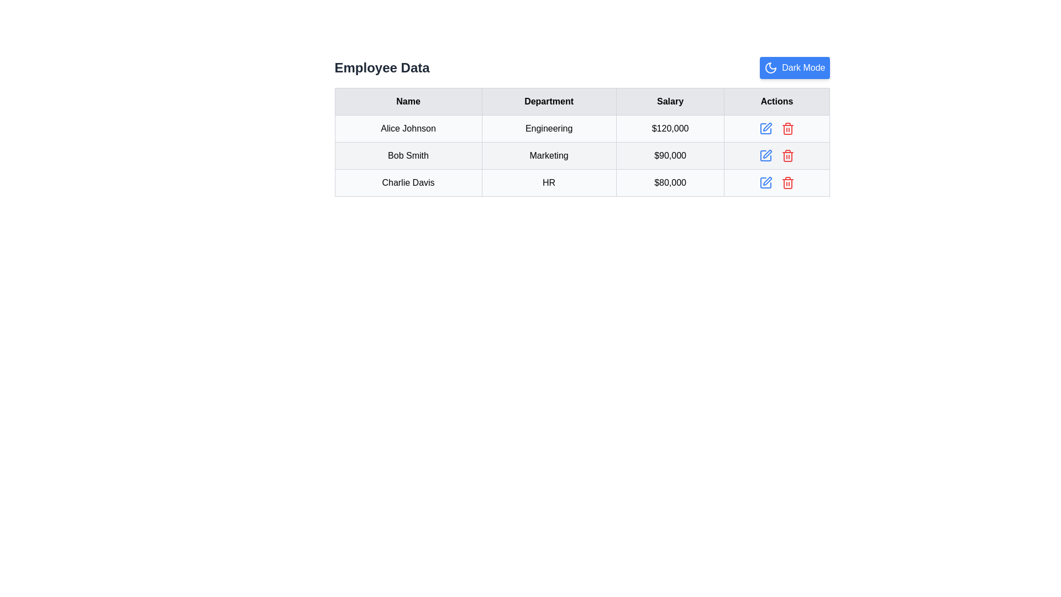 The height and width of the screenshot is (597, 1061). What do you see at coordinates (549, 128) in the screenshot?
I see `the non-interactive text label in the second column of the first row of the 'Employee Data' table, which provides details about the department associated with the entry for 'Alice Johnson'` at bounding box center [549, 128].